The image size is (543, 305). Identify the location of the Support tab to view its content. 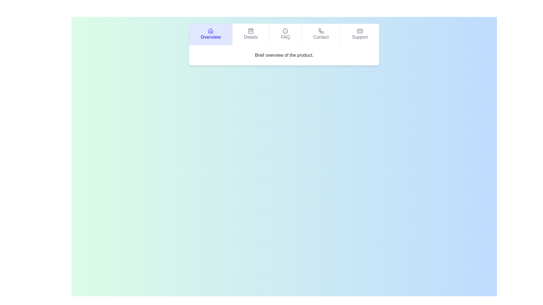
(359, 34).